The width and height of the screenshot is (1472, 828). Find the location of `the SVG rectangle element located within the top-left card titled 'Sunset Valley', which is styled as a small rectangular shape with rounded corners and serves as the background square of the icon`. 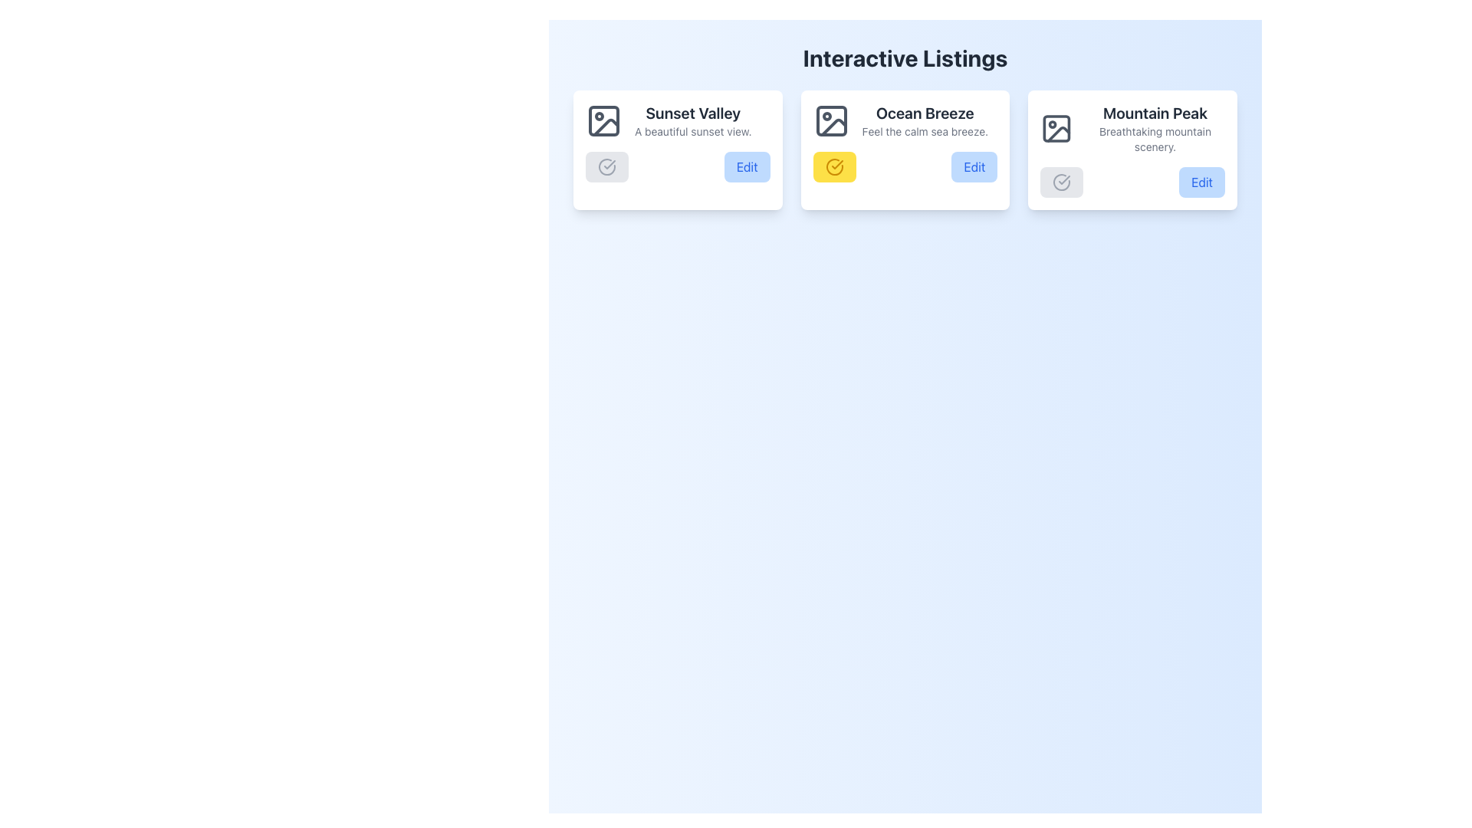

the SVG rectangle element located within the top-left card titled 'Sunset Valley', which is styled as a small rectangular shape with rounded corners and serves as the background square of the icon is located at coordinates (603, 120).